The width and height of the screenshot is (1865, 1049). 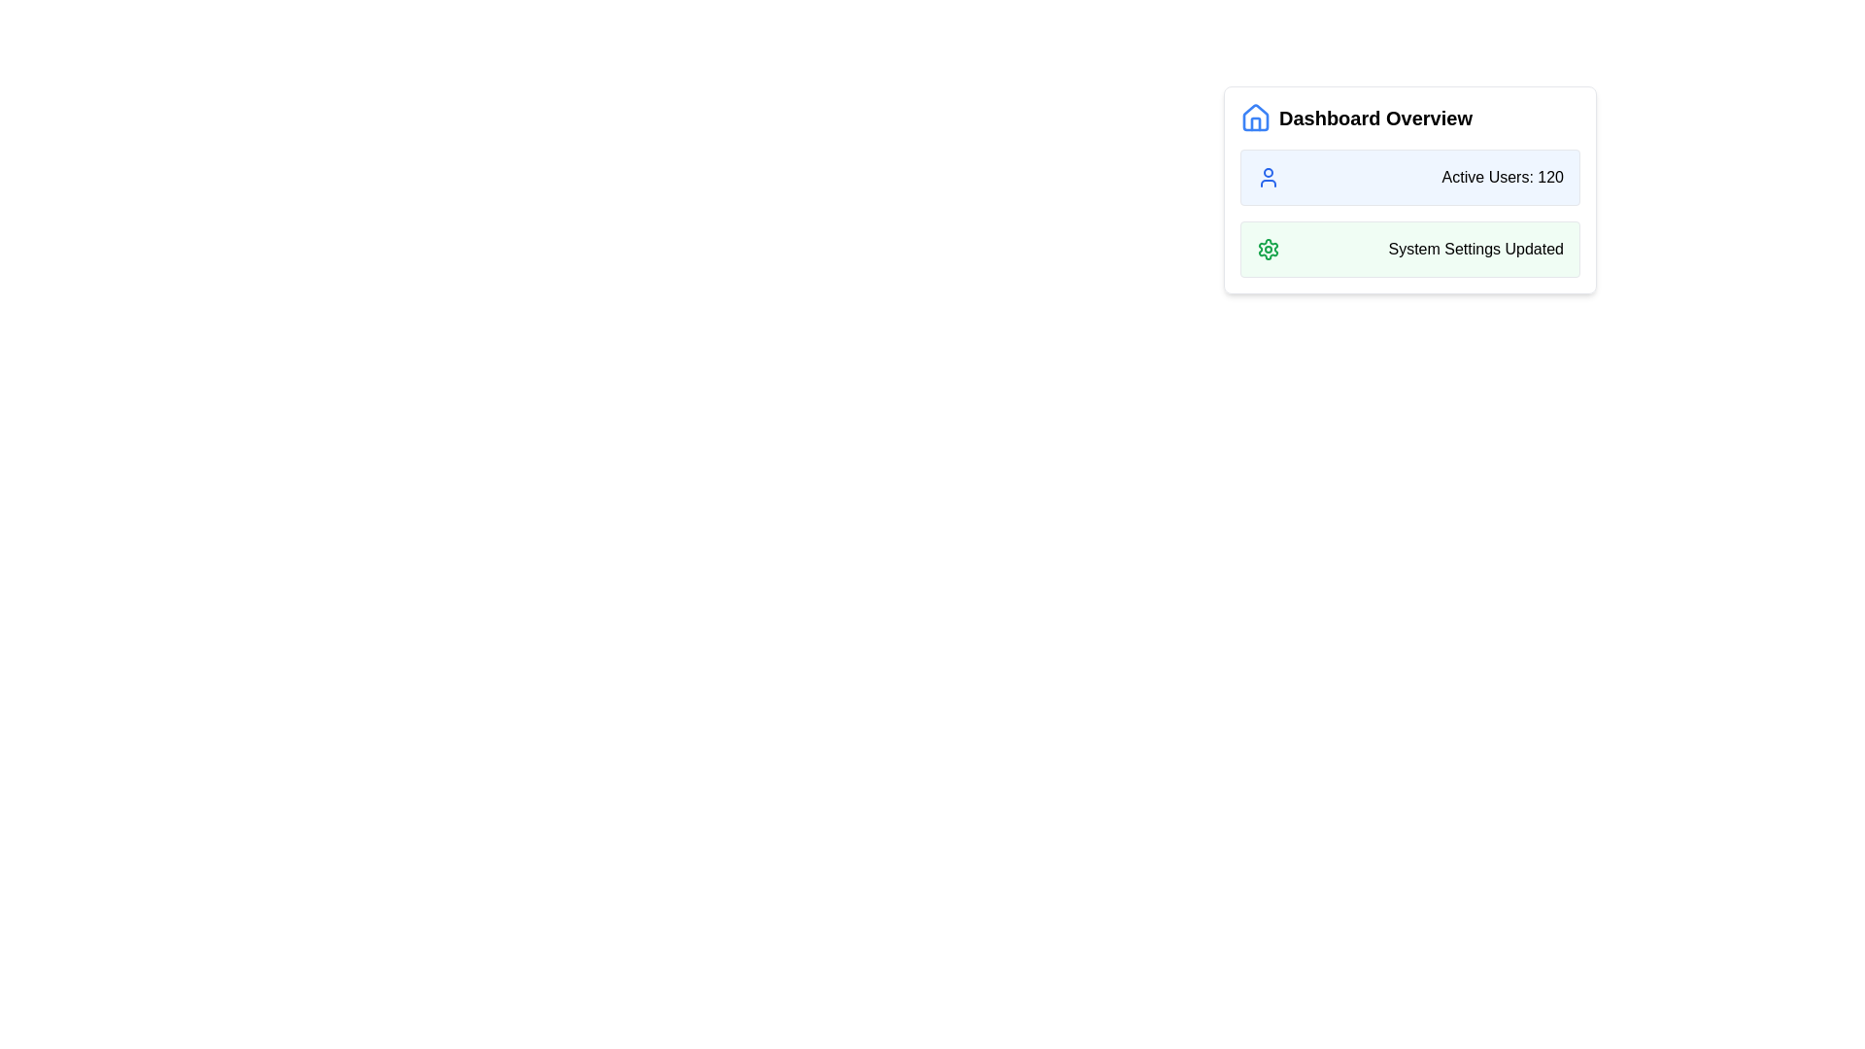 What do you see at coordinates (1255, 118) in the screenshot?
I see `the blue house icon in the header section titled 'Dashboard Overview'` at bounding box center [1255, 118].